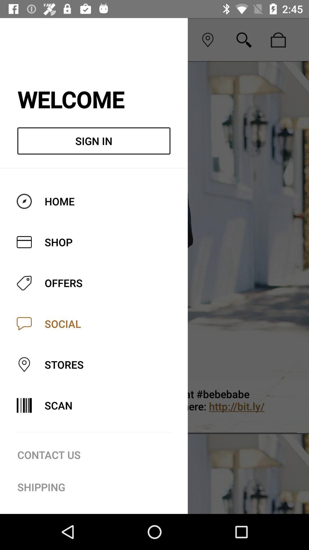 Image resolution: width=309 pixels, height=550 pixels. Describe the element at coordinates (27, 40) in the screenshot. I see `icon to the left of the social icon` at that location.